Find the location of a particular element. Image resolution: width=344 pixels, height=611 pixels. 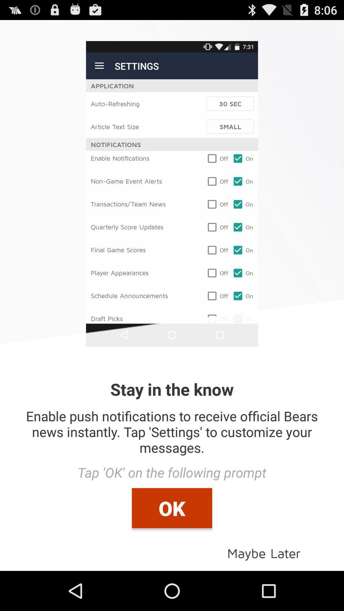

icon below ok item is located at coordinates (264, 552).